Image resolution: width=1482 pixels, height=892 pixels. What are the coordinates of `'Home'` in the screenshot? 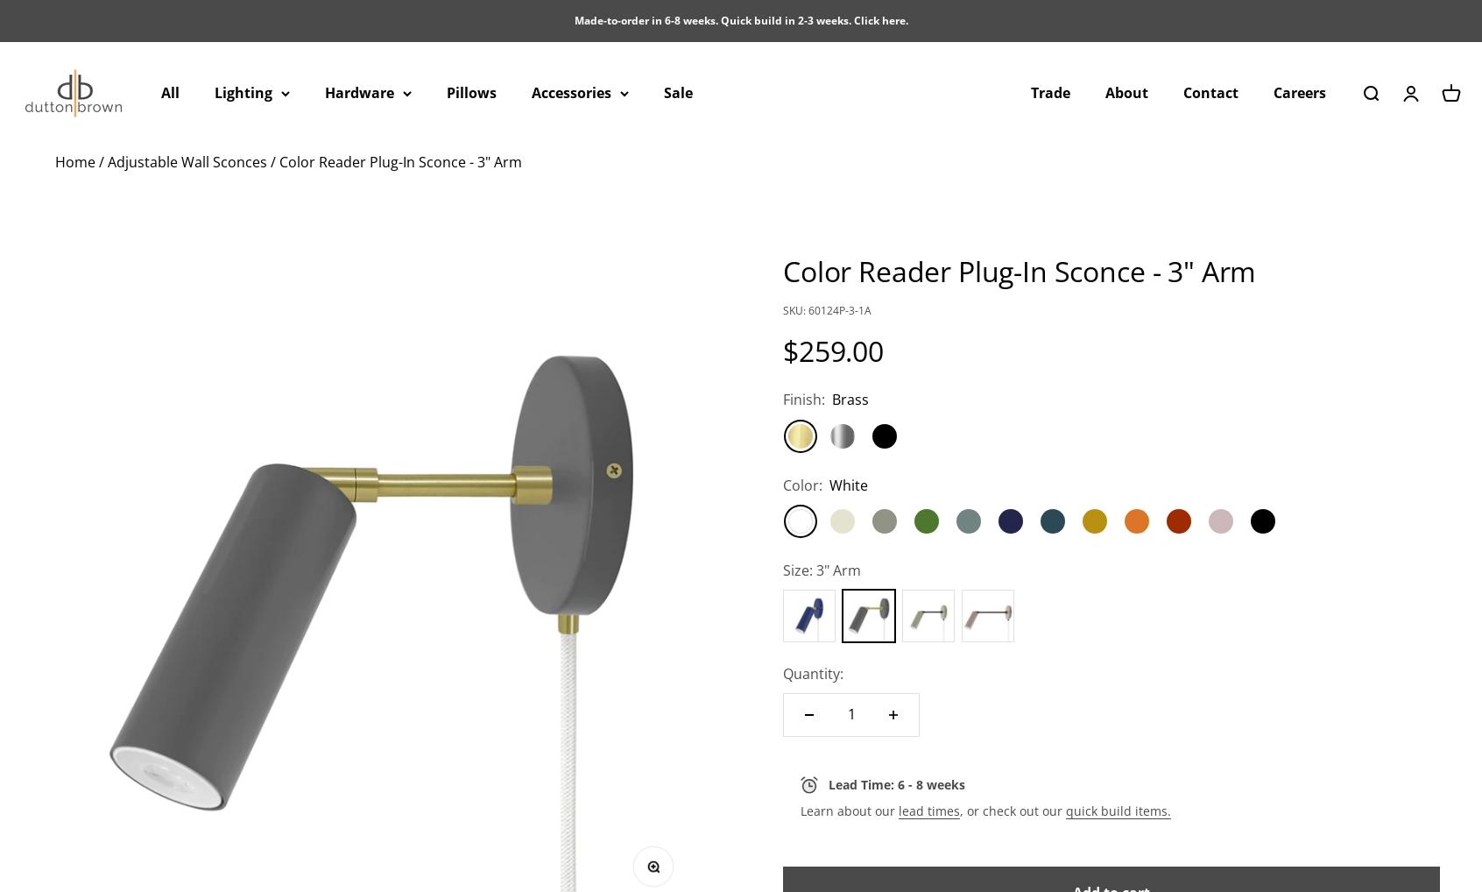 It's located at (53, 161).